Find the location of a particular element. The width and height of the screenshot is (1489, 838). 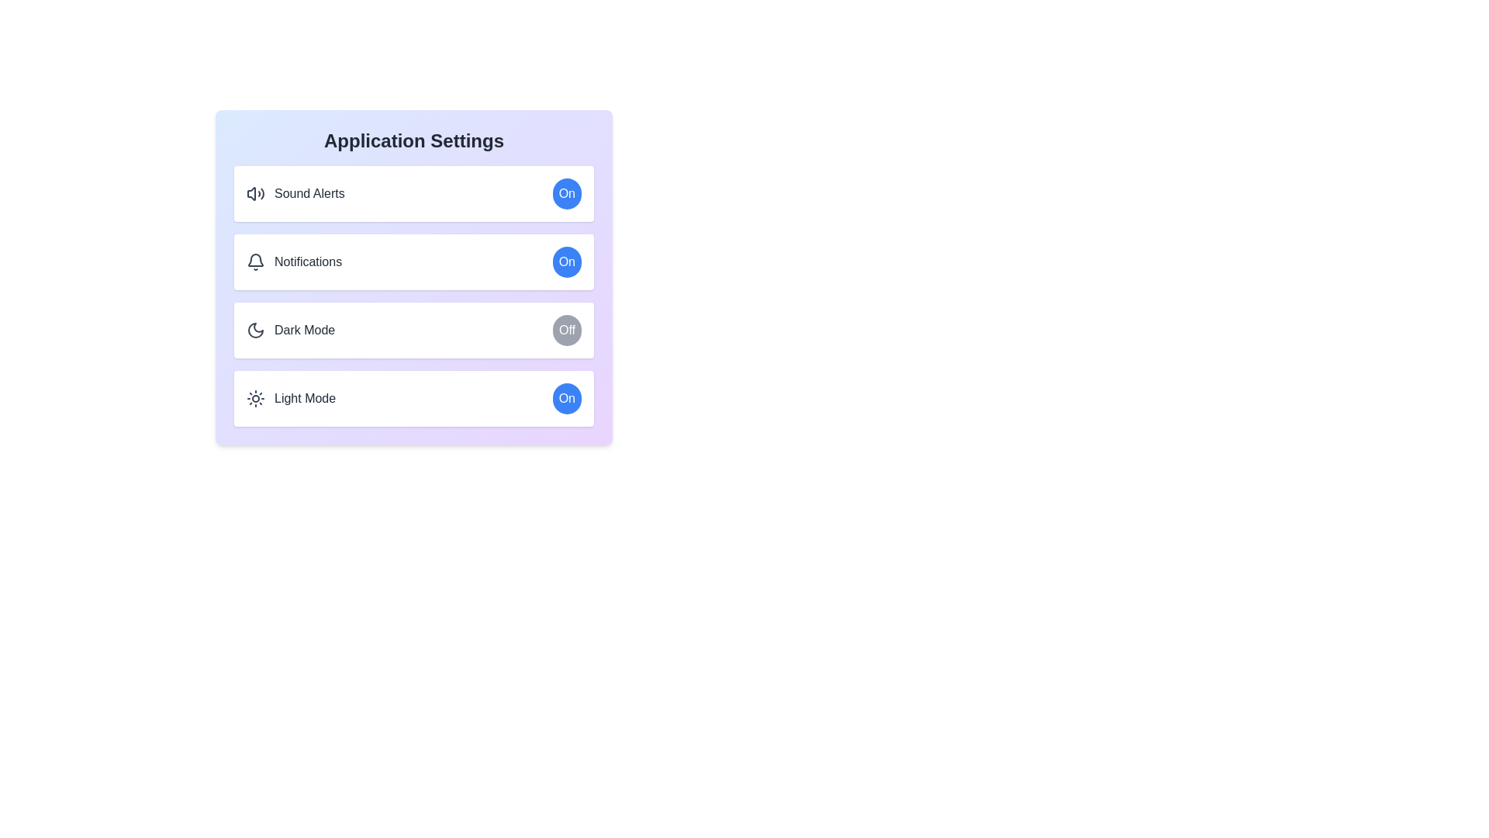

the Label with a descriptive icon that represents the configuration option for enabling or disabling dark mode, located in the third row of the settings panel is located at coordinates (291, 329).